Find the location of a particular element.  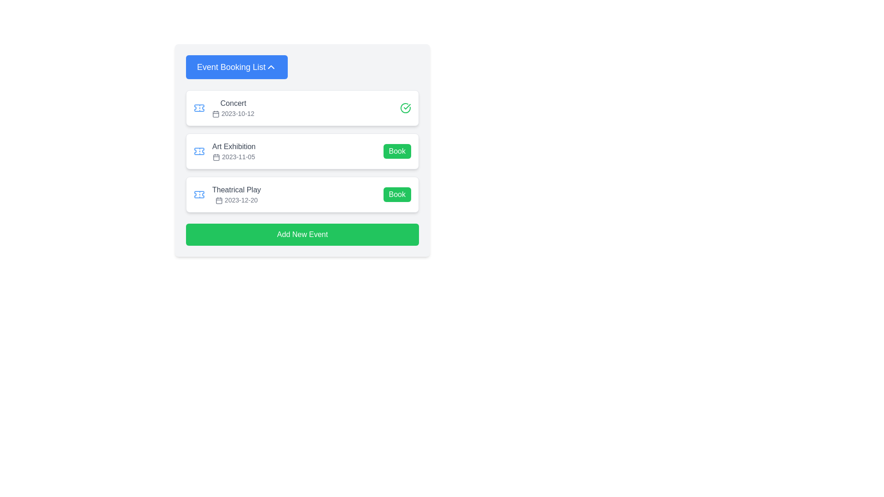

the Event information row displaying 'Concert' and the date '2023-10-12', which is the first entry in the 'Event Booking List' is located at coordinates (224, 108).